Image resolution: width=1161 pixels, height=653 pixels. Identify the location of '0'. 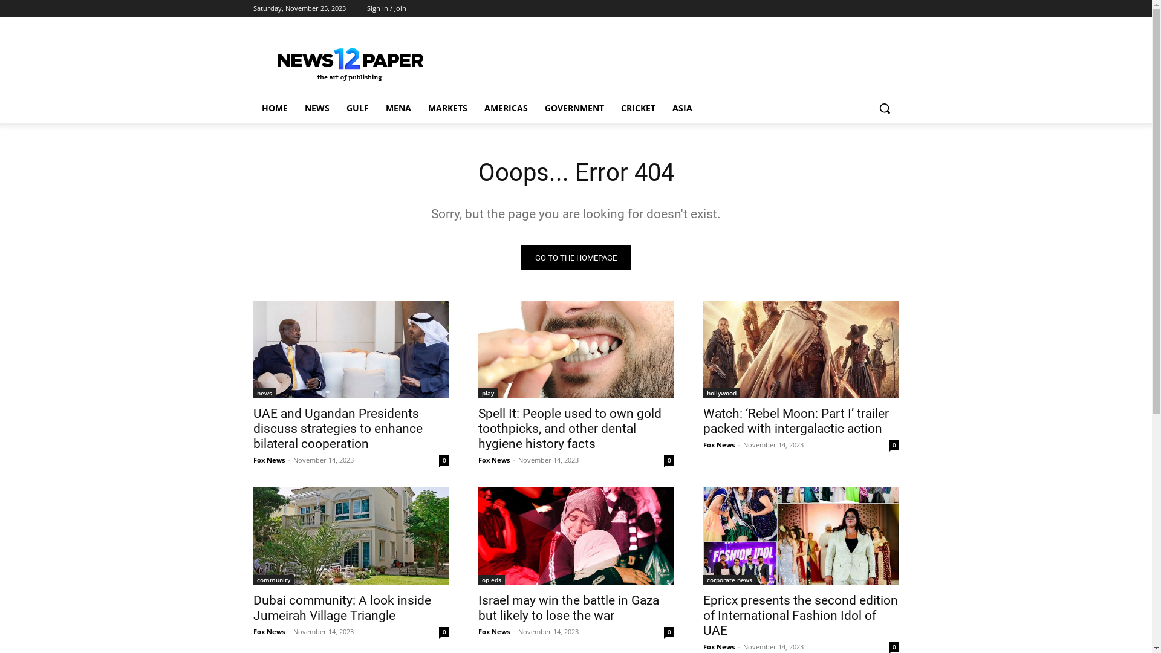
(894, 646).